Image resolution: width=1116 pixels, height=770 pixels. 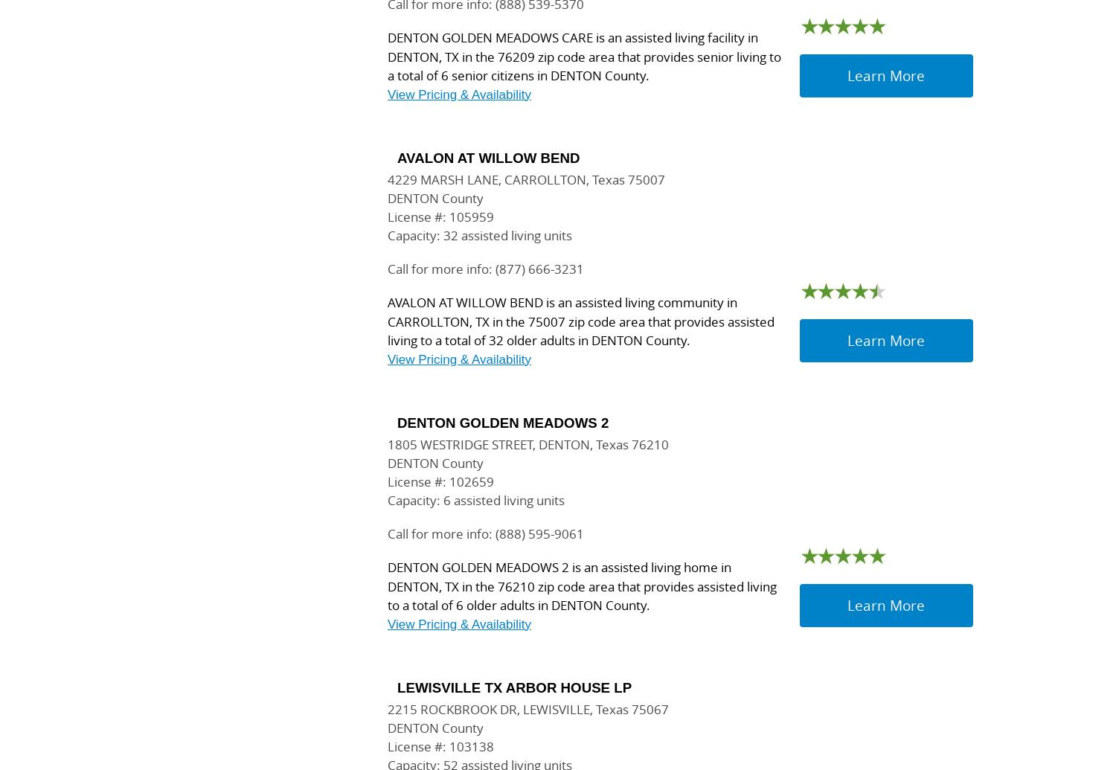 What do you see at coordinates (581, 321) in the screenshot?
I see `'AVALON AT WILLOW BEND is an assisted living community in CARROLLTON, TX in the 75007 zip code area that provides assisted living to a total of 32 older adults in DENTON County.'` at bounding box center [581, 321].